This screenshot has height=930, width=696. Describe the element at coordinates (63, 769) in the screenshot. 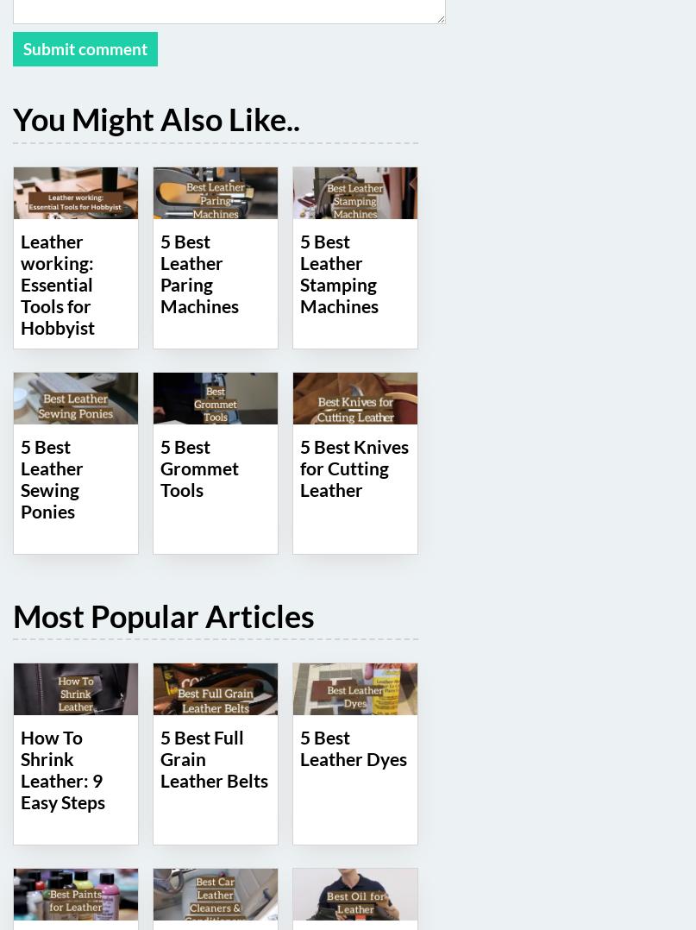

I see `'How To Shrink Leather: 9 Easy Steps'` at that location.